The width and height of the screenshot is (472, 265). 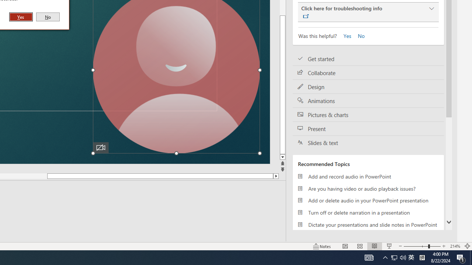 I want to click on 'Click here for troubleshooting info', so click(x=368, y=12).